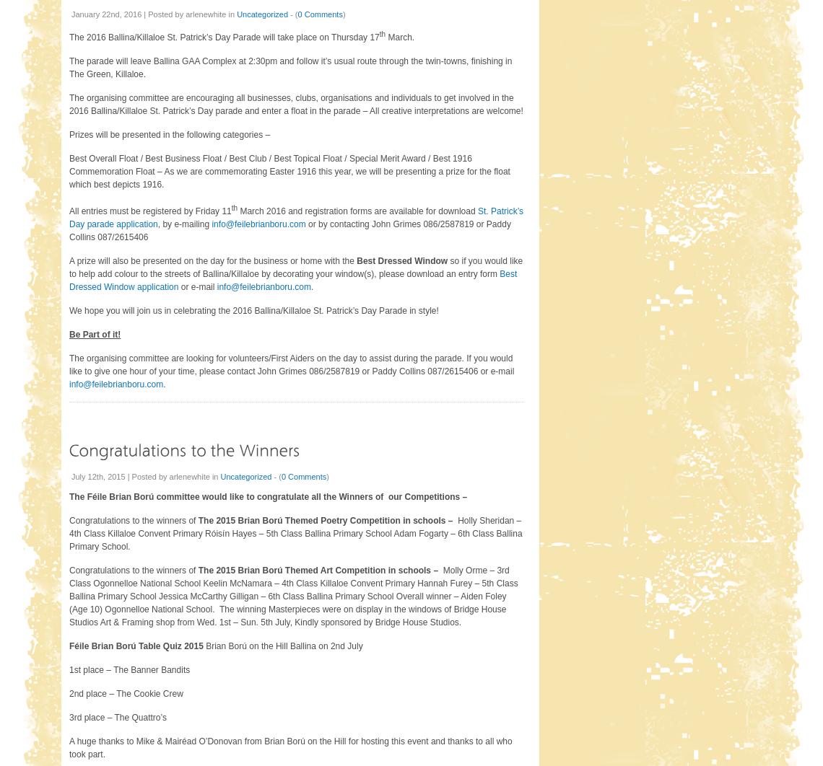 This screenshot has height=766, width=823. I want to click on 'Holly Sheridan – 4th Class Killaloe Convent Primary Róisín Hayes – 5th Class Ballina Primary School Adam Fogarty – 6th Class Ballina Primary School.', so click(295, 533).